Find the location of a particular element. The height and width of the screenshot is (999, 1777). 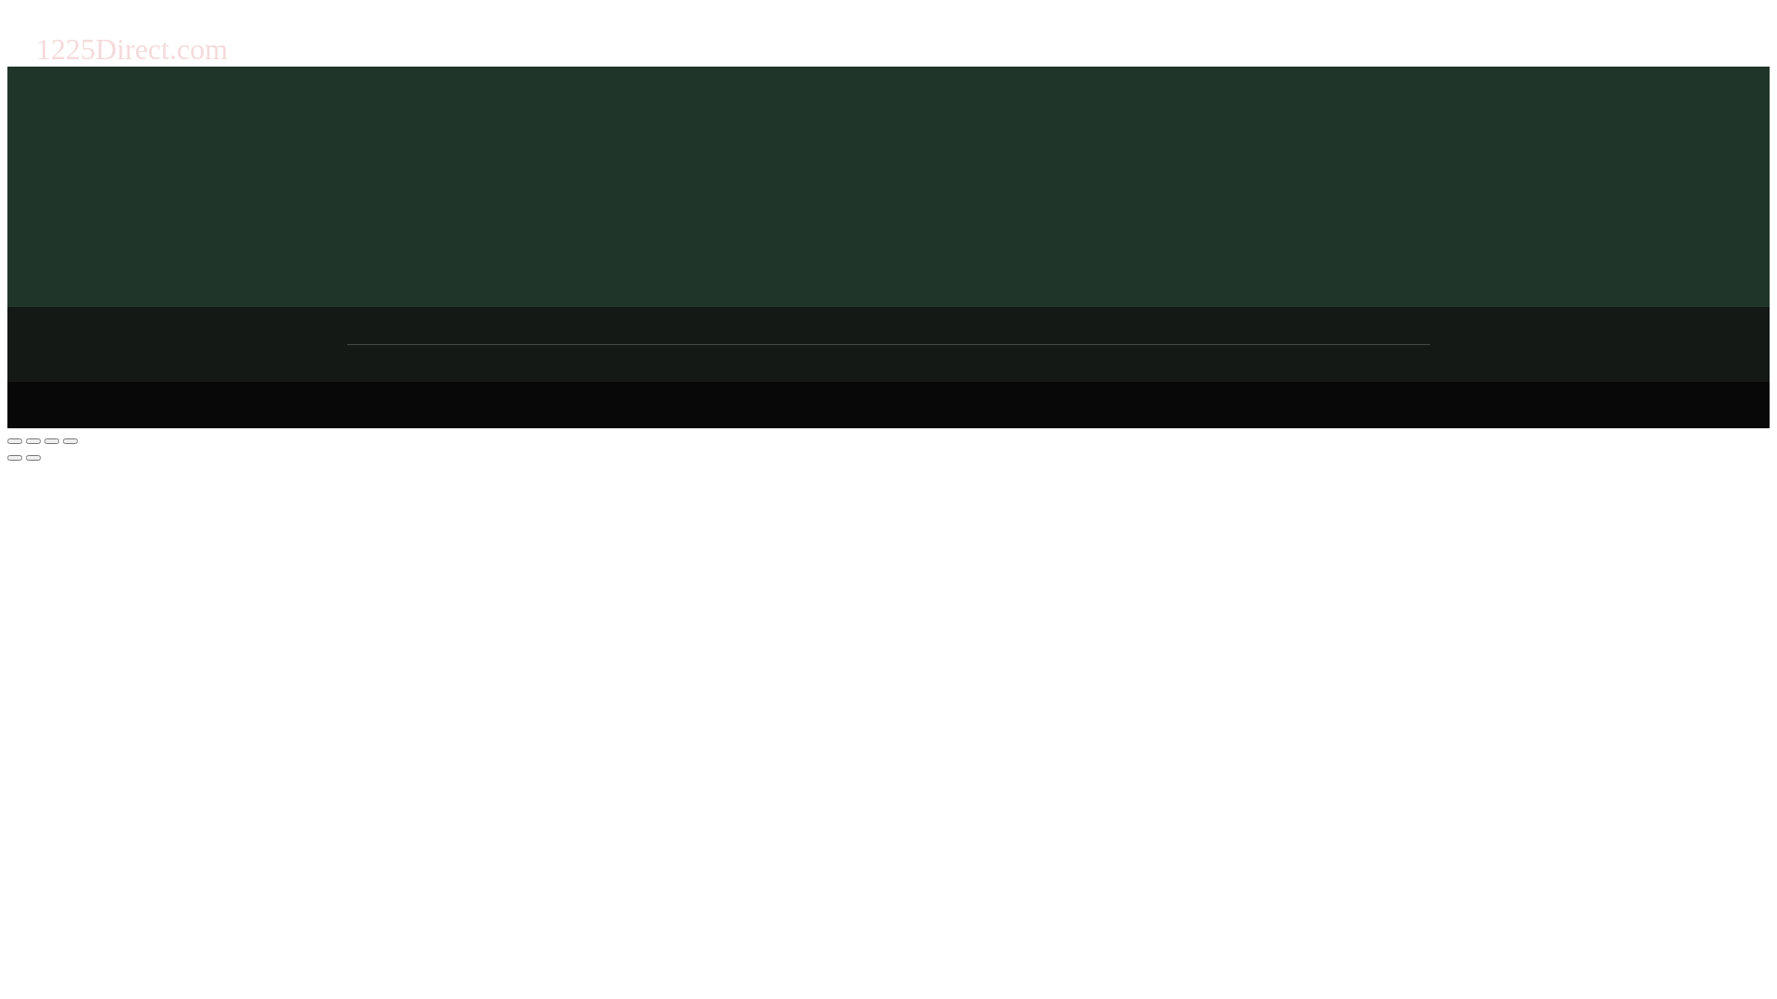

'Share' is located at coordinates (32, 441).